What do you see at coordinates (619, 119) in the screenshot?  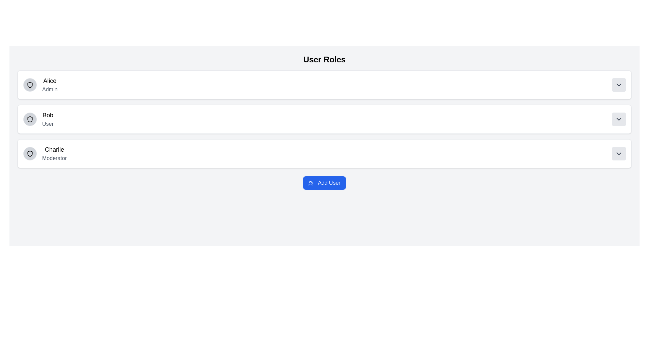 I see `the downward-pointing chevron icon indicating dropdown options for the user named 'Bob'` at bounding box center [619, 119].